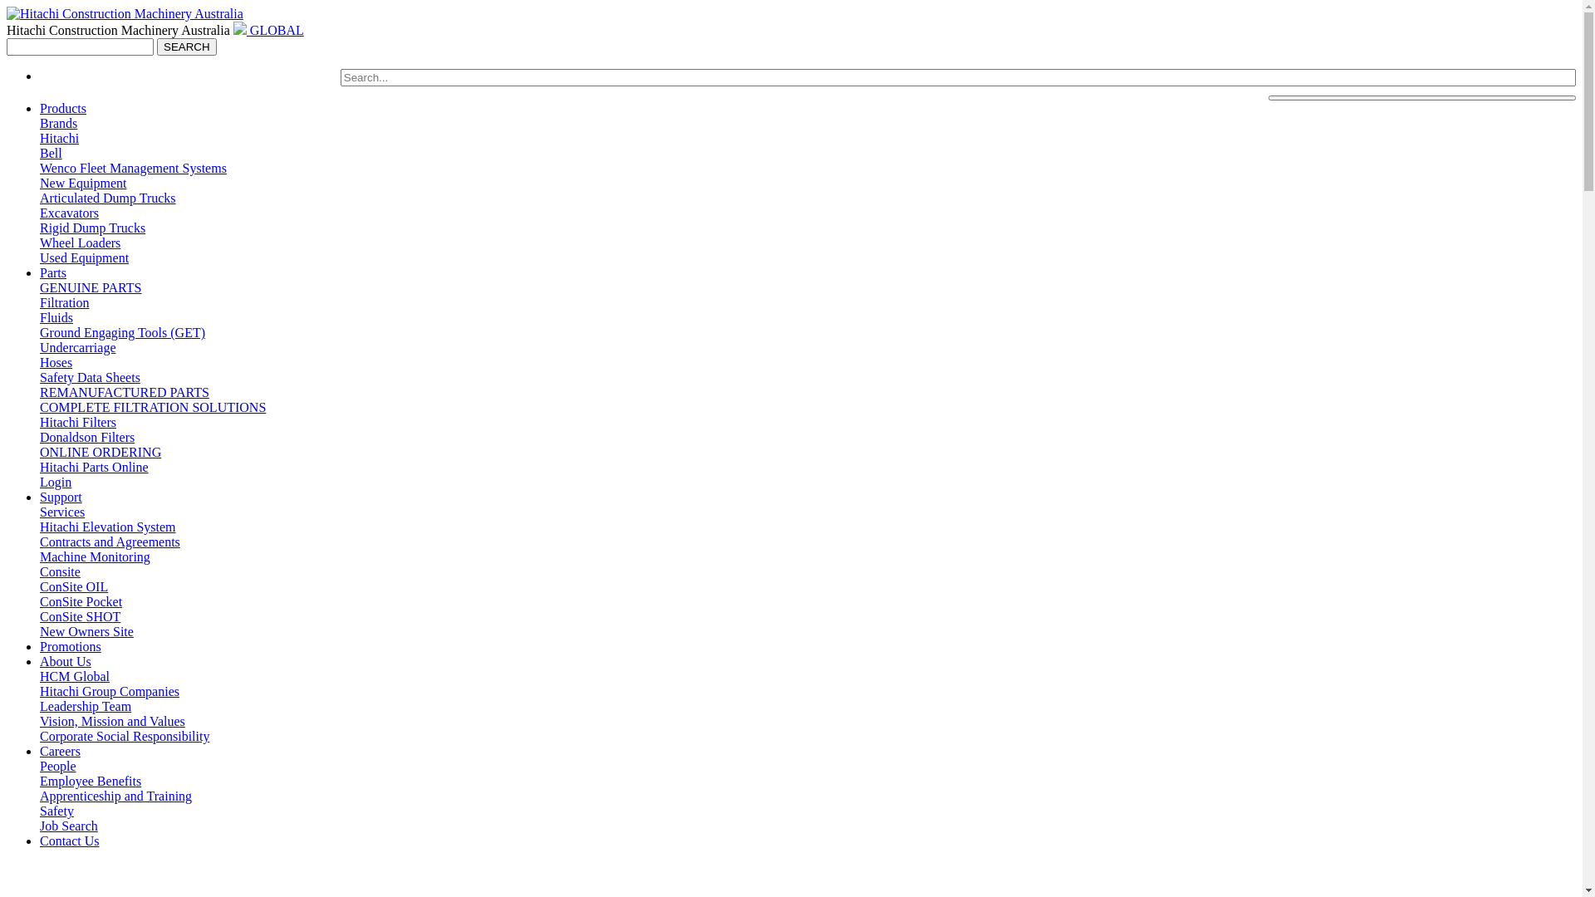 The height and width of the screenshot is (897, 1595). Describe the element at coordinates (84, 706) in the screenshot. I see `'Leadership Team'` at that location.